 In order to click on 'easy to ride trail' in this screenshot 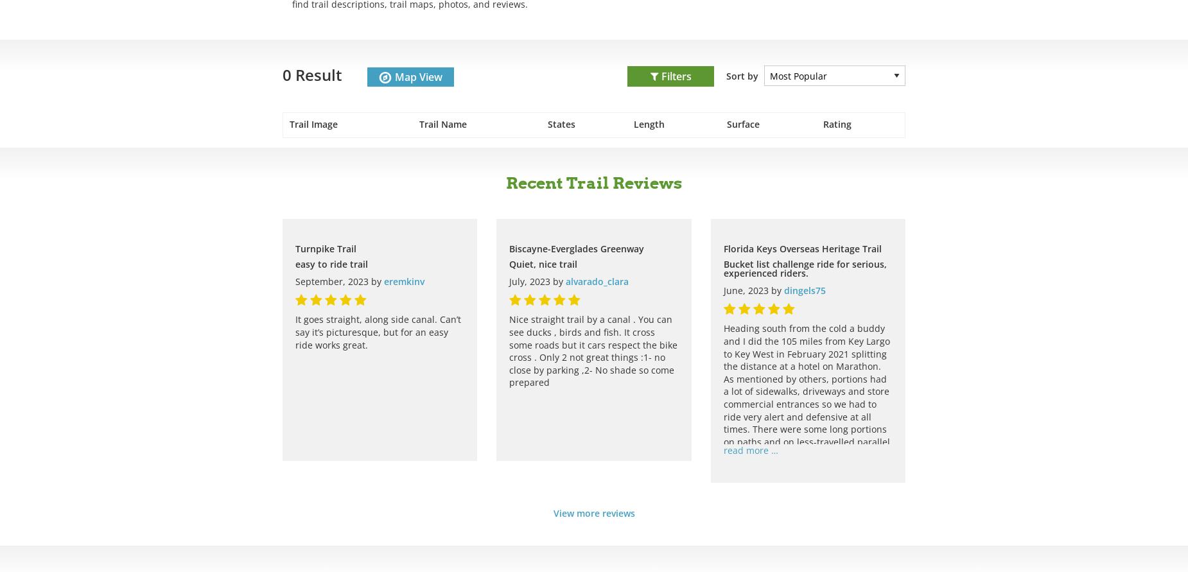, I will do `click(294, 263)`.